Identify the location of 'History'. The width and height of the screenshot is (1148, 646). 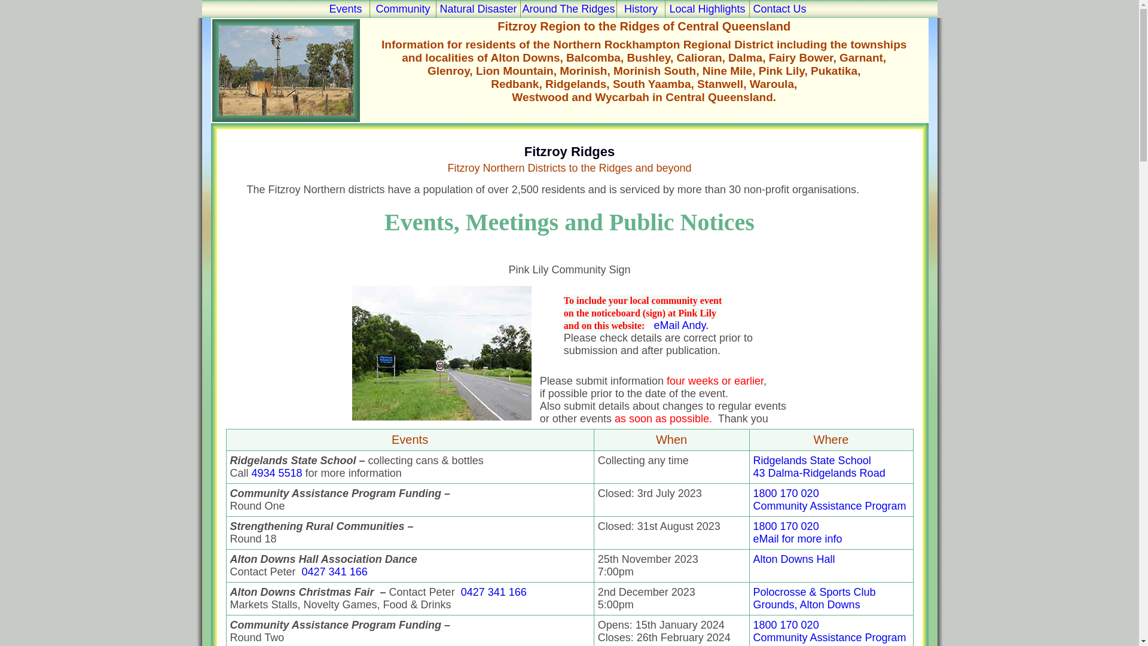
(640, 9).